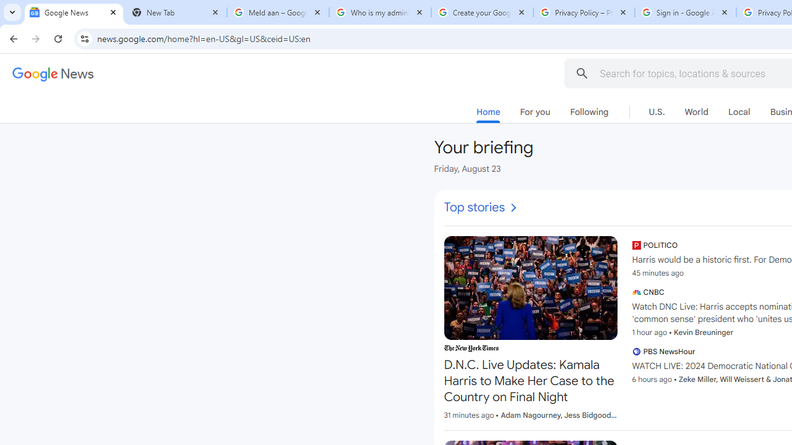 The width and height of the screenshot is (792, 445). Describe the element at coordinates (739, 112) in the screenshot. I see `'Local'` at that location.